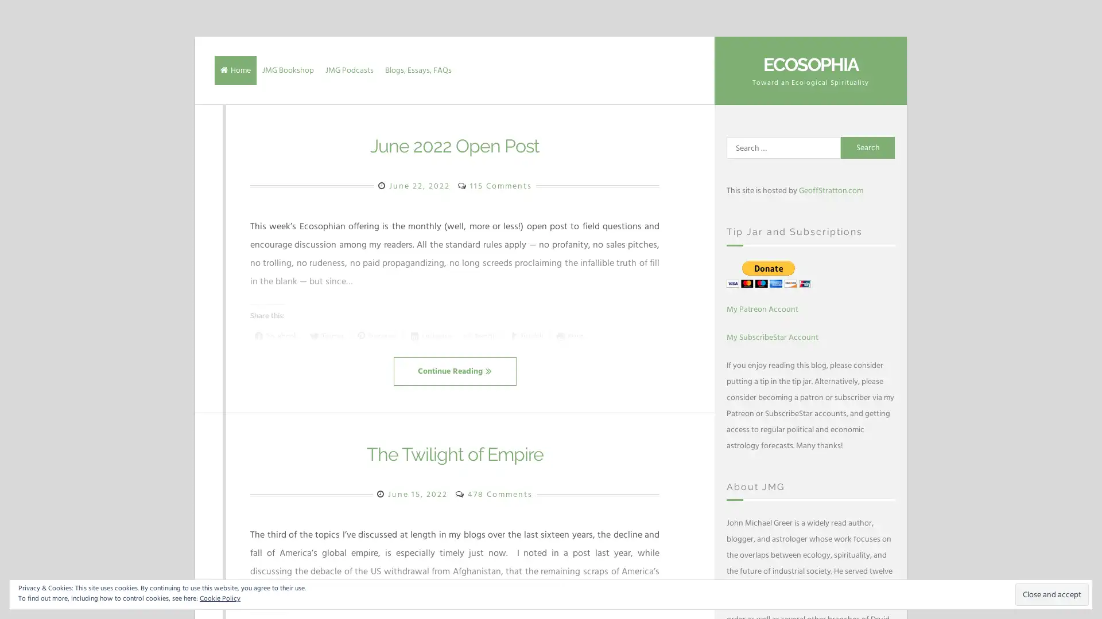 This screenshot has height=619, width=1102. What do you see at coordinates (769, 273) in the screenshot?
I see `PayPal - The safer, easier way to pay online!` at bounding box center [769, 273].